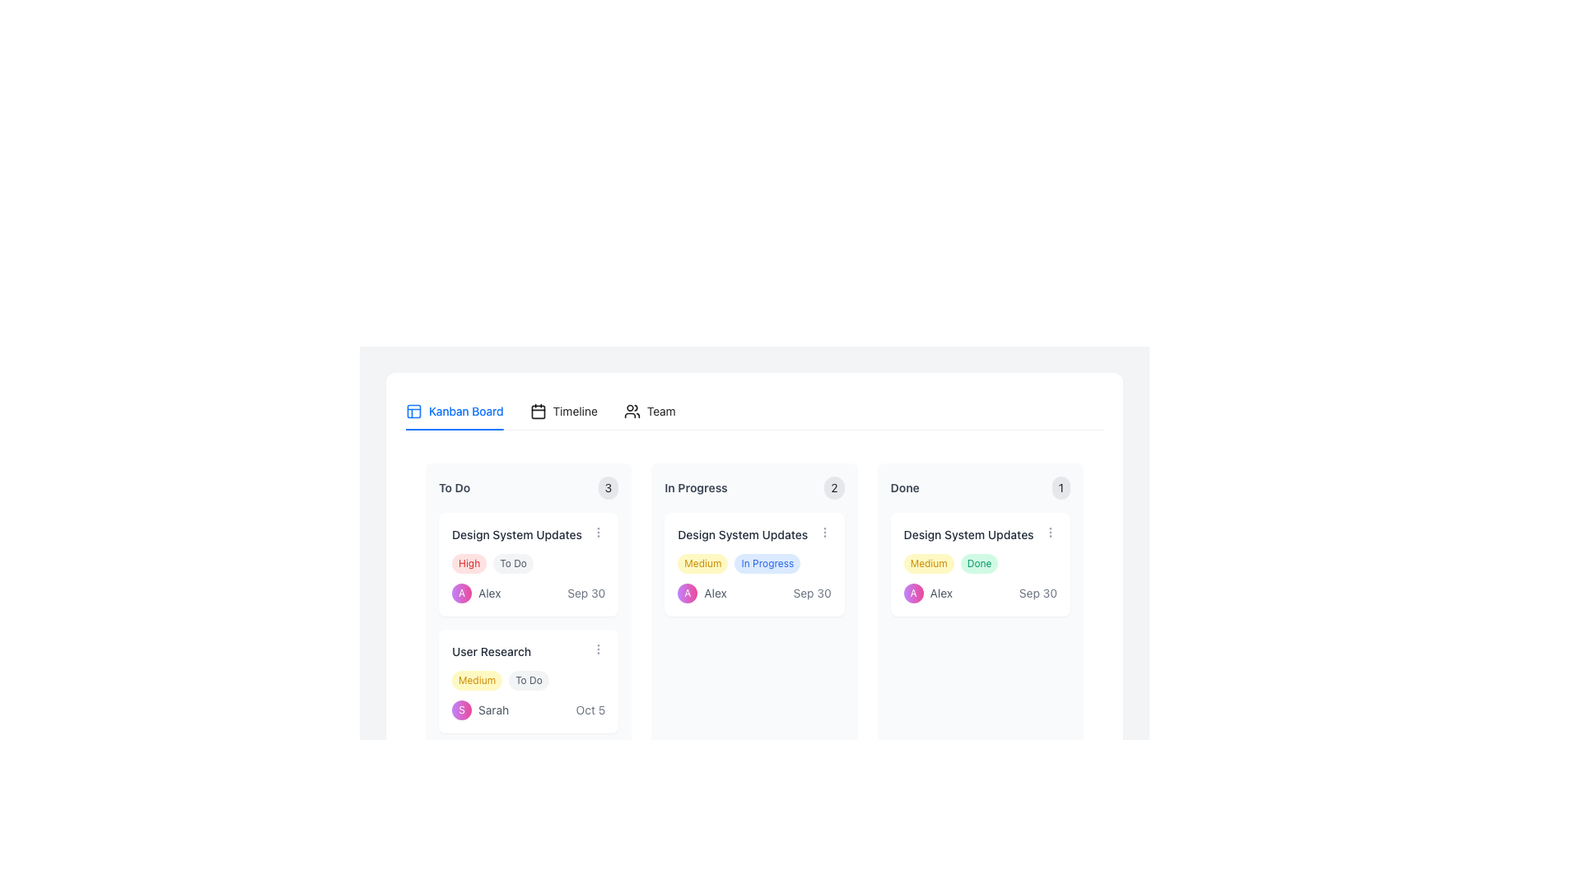 The width and height of the screenshot is (1581, 889). Describe the element at coordinates (980, 535) in the screenshot. I see `the card title label located in the upper section of a card in the 'Done' column of a Kanban board` at that location.